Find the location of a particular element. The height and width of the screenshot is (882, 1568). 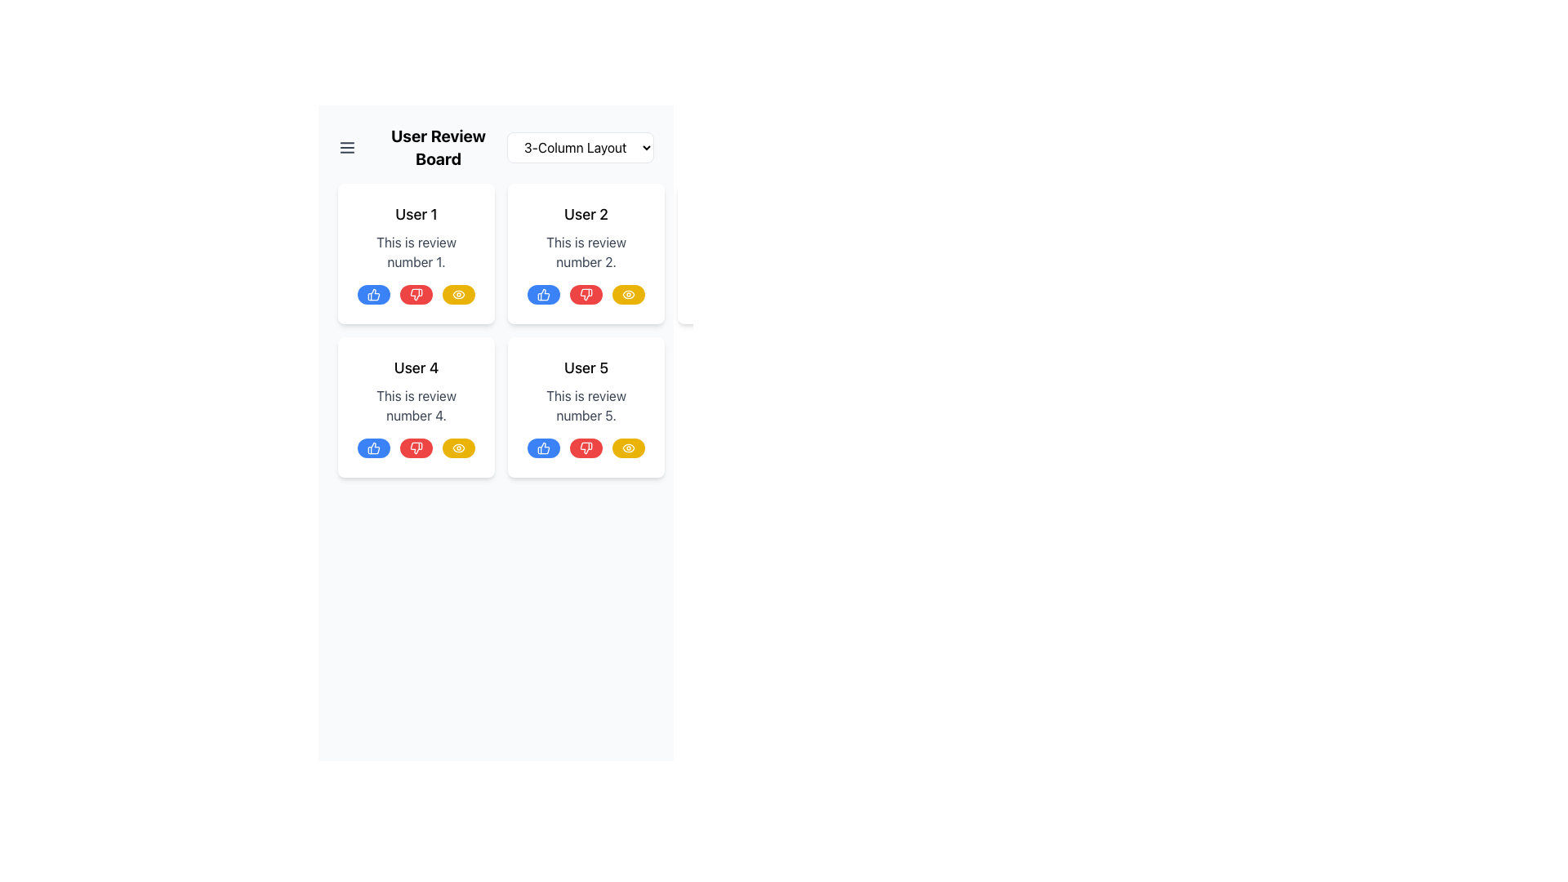

the dislike icon button in the user card titled 'User 2' is located at coordinates (586, 295).